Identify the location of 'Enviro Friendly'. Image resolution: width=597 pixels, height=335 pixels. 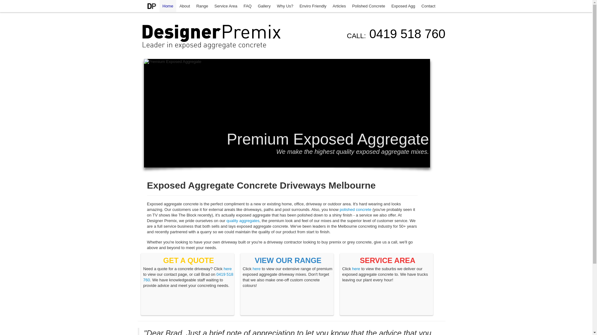
(313, 6).